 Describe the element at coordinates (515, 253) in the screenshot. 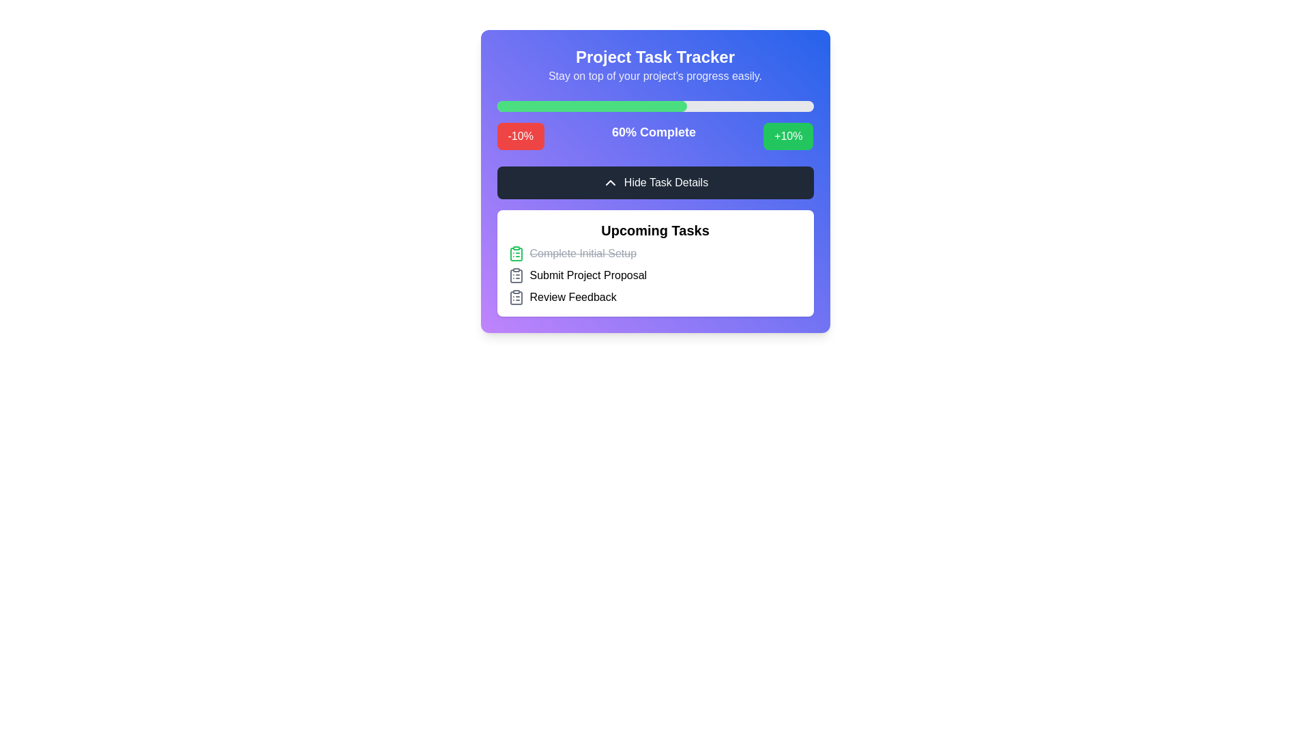

I see `the green clipboard icon located to the left of the strikethrough text 'Complete Initial Setup' in the 'Upcoming Tasks' section` at that location.